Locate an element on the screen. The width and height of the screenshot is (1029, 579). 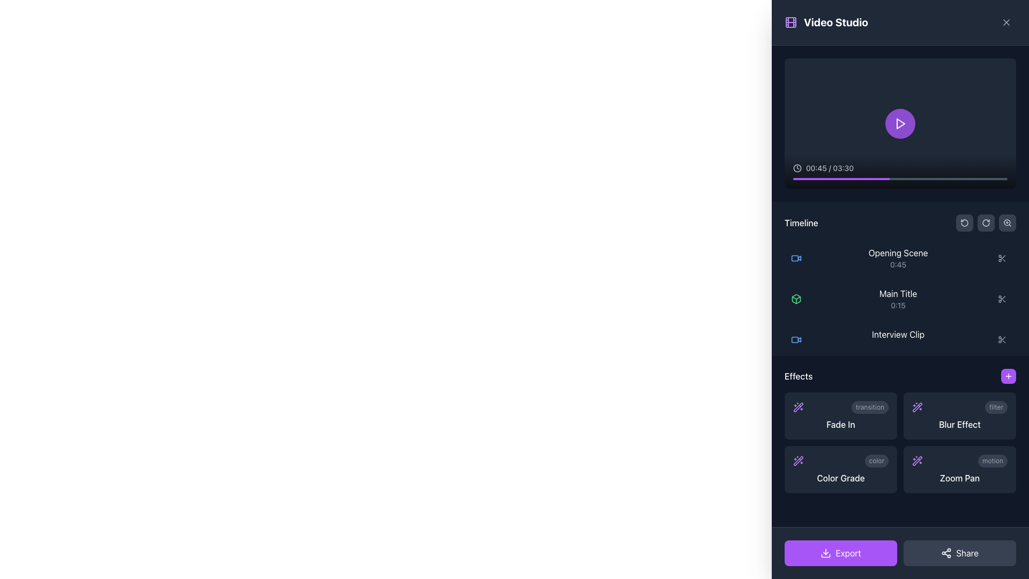
the icon button located at the rightmost position of the row associated with 'Main Title' and '0:15' in the timeline to invoke the cut action is located at coordinates (1002, 299).